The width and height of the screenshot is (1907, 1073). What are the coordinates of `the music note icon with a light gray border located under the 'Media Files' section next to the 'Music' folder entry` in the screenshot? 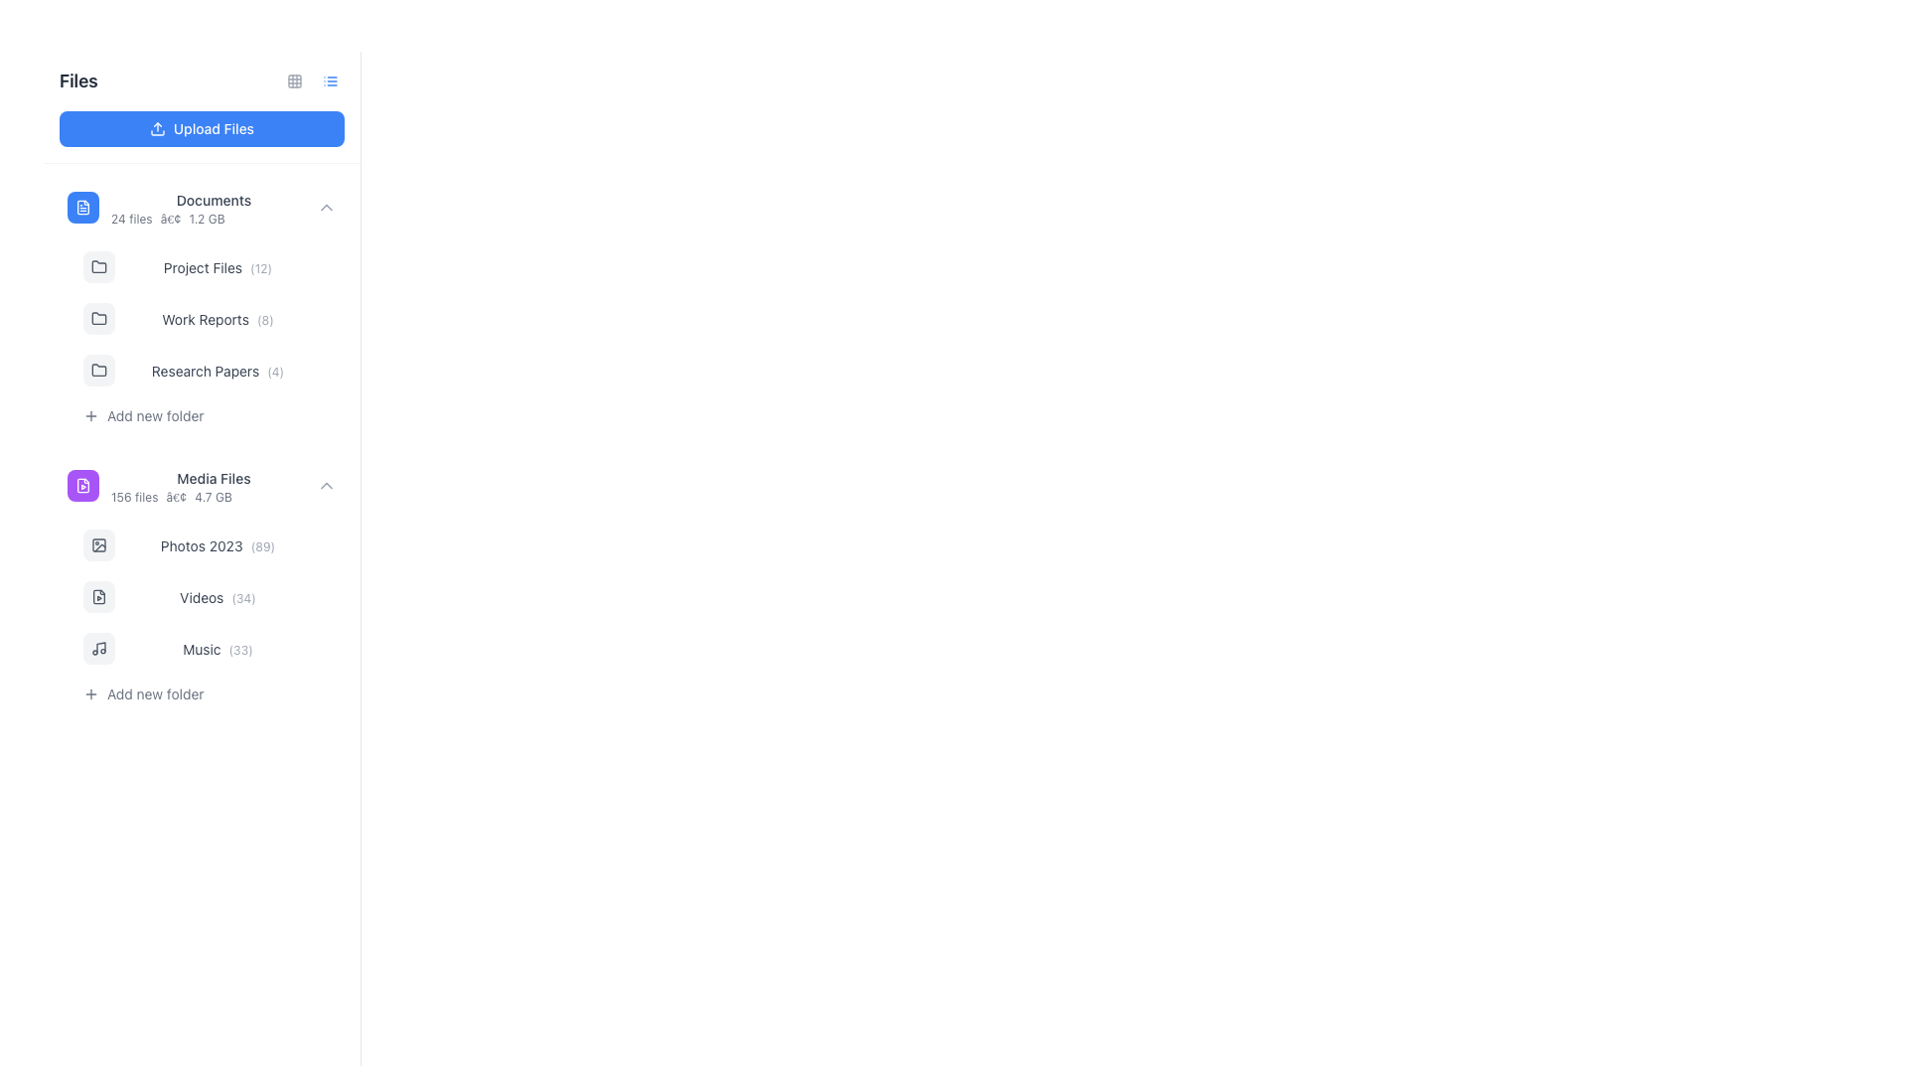 It's located at (98, 648).